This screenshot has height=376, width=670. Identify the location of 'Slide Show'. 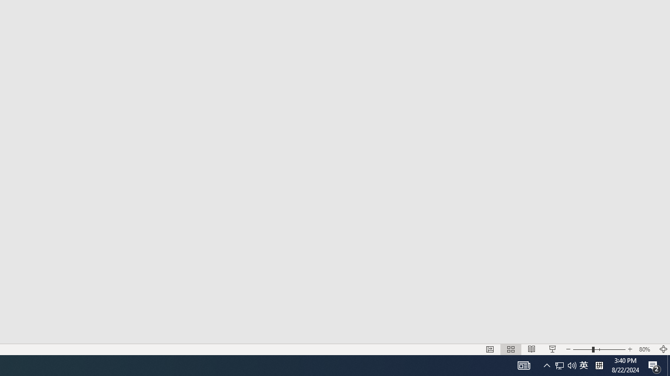
(559, 365).